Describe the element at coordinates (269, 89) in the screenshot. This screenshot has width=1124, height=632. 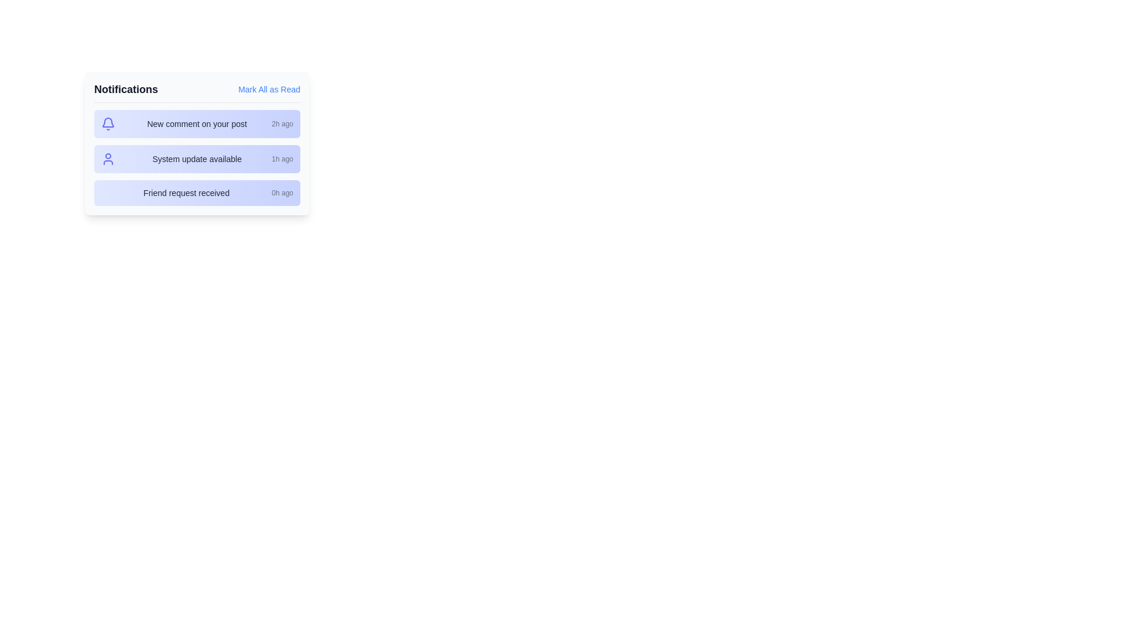
I see `the blue text link 'Mark All as Read' located in the top-right corner of the notifications panel to mark notifications as read` at that location.